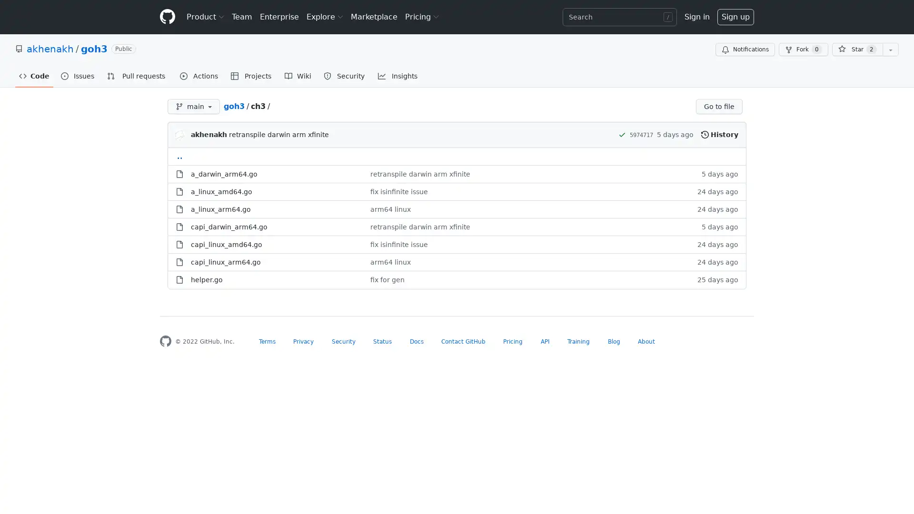 Image resolution: width=914 pixels, height=514 pixels. I want to click on You must be signed in to add this repository to a list, so click(890, 49).